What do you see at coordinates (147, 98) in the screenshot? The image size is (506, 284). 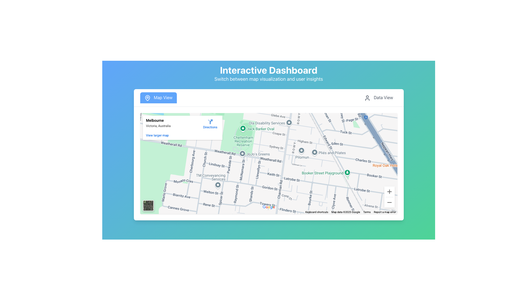 I see `the abstract map location pin icon, which features a circular base, a pointed bottom, and a smaller circle at its center, styled in white on a blue background, located to the left of the 'Map View' button` at bounding box center [147, 98].